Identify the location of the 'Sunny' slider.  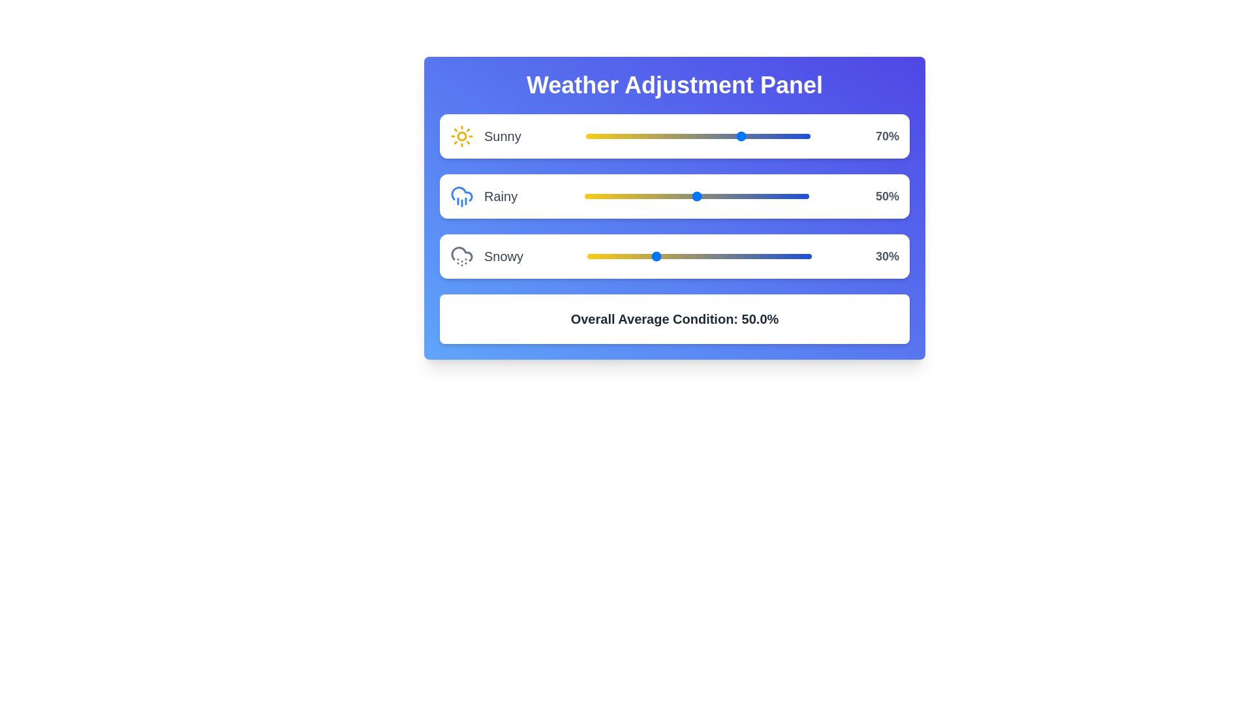
(678, 133).